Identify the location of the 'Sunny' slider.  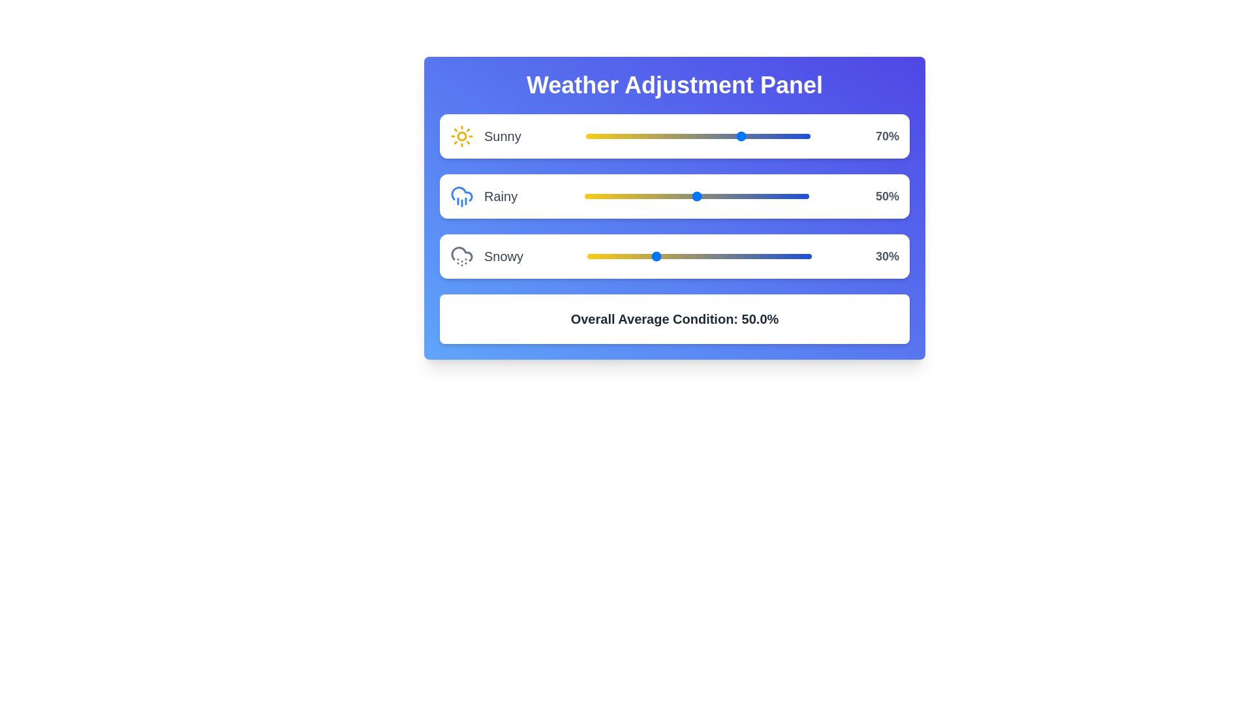
(678, 133).